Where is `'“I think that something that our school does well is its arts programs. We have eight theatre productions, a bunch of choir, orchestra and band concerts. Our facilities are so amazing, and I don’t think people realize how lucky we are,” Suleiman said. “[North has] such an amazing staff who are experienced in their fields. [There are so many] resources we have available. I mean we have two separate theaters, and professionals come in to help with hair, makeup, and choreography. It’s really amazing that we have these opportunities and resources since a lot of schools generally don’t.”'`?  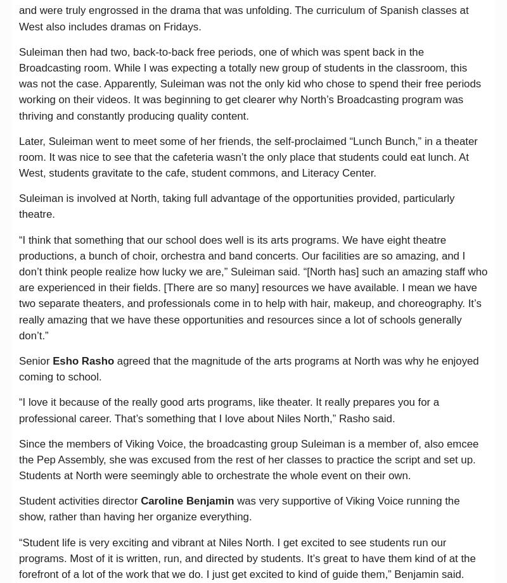
'“I think that something that our school does well is its arts programs. We have eight theatre productions, a bunch of choir, orchestra and band concerts. Our facilities are so amazing, and I don’t think people realize how lucky we are,” Suleiman said. “[North has] such an amazing staff who are experienced in their fields. [There are so many] resources we have available. I mean we have two separate theaters, and professionals come in to help with hair, makeup, and choreography. It’s really amazing that we have these opportunities and resources since a lot of schools generally don’t.”' is located at coordinates (252, 287).